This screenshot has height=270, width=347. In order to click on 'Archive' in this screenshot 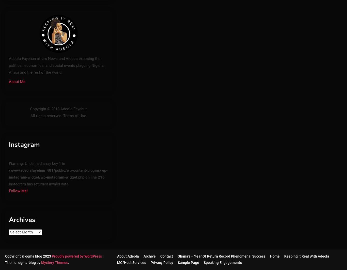, I will do `click(149, 256)`.